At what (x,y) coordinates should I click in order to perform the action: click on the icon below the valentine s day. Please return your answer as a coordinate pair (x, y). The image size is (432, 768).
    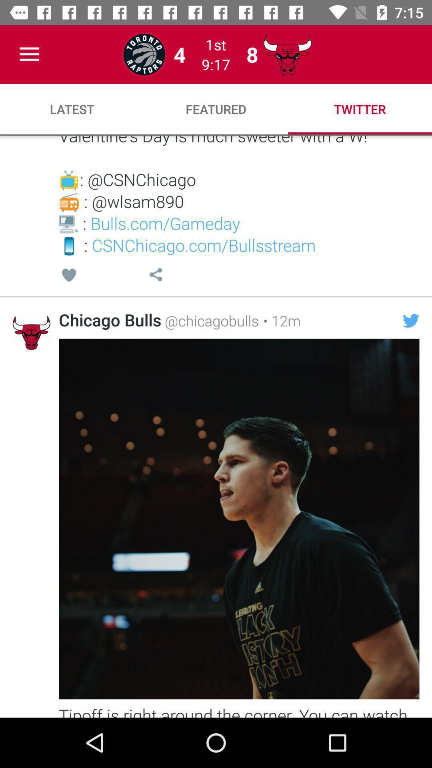
    Looking at the image, I should click on (68, 276).